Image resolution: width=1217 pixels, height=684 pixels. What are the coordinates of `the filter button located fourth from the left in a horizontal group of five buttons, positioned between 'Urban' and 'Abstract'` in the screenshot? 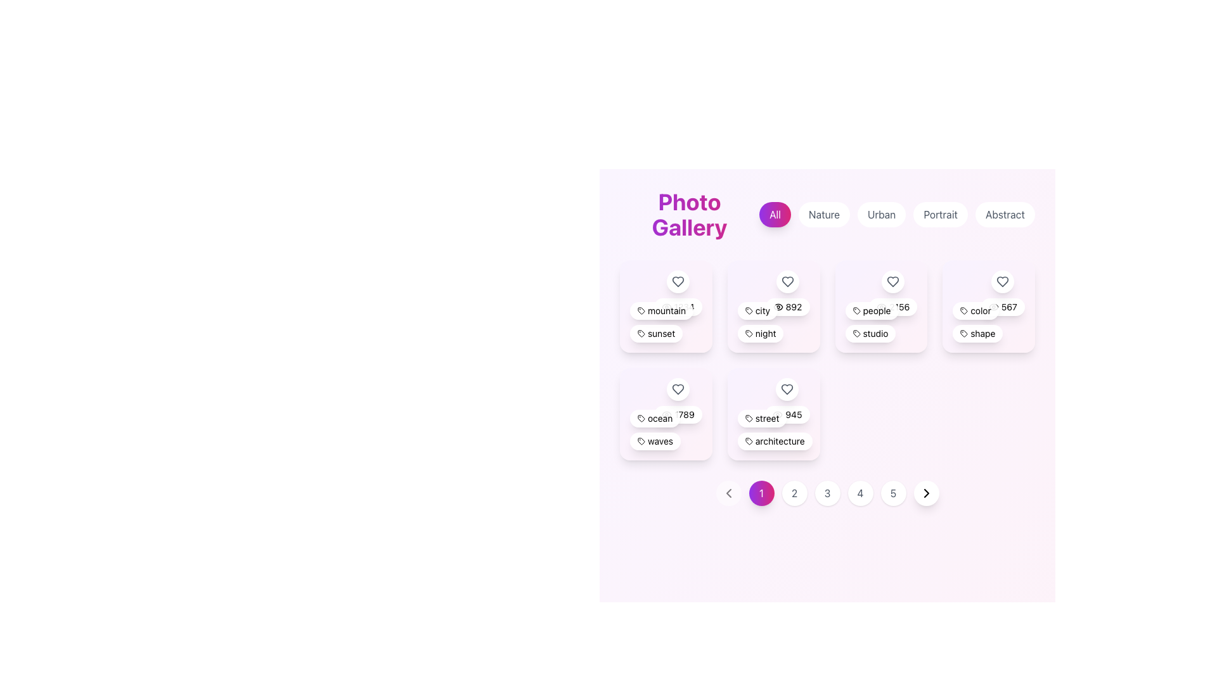 It's located at (940, 214).